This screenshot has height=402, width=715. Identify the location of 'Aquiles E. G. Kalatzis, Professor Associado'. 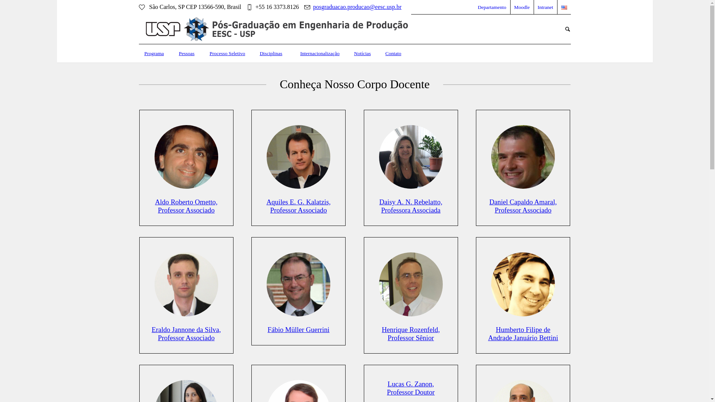
(298, 206).